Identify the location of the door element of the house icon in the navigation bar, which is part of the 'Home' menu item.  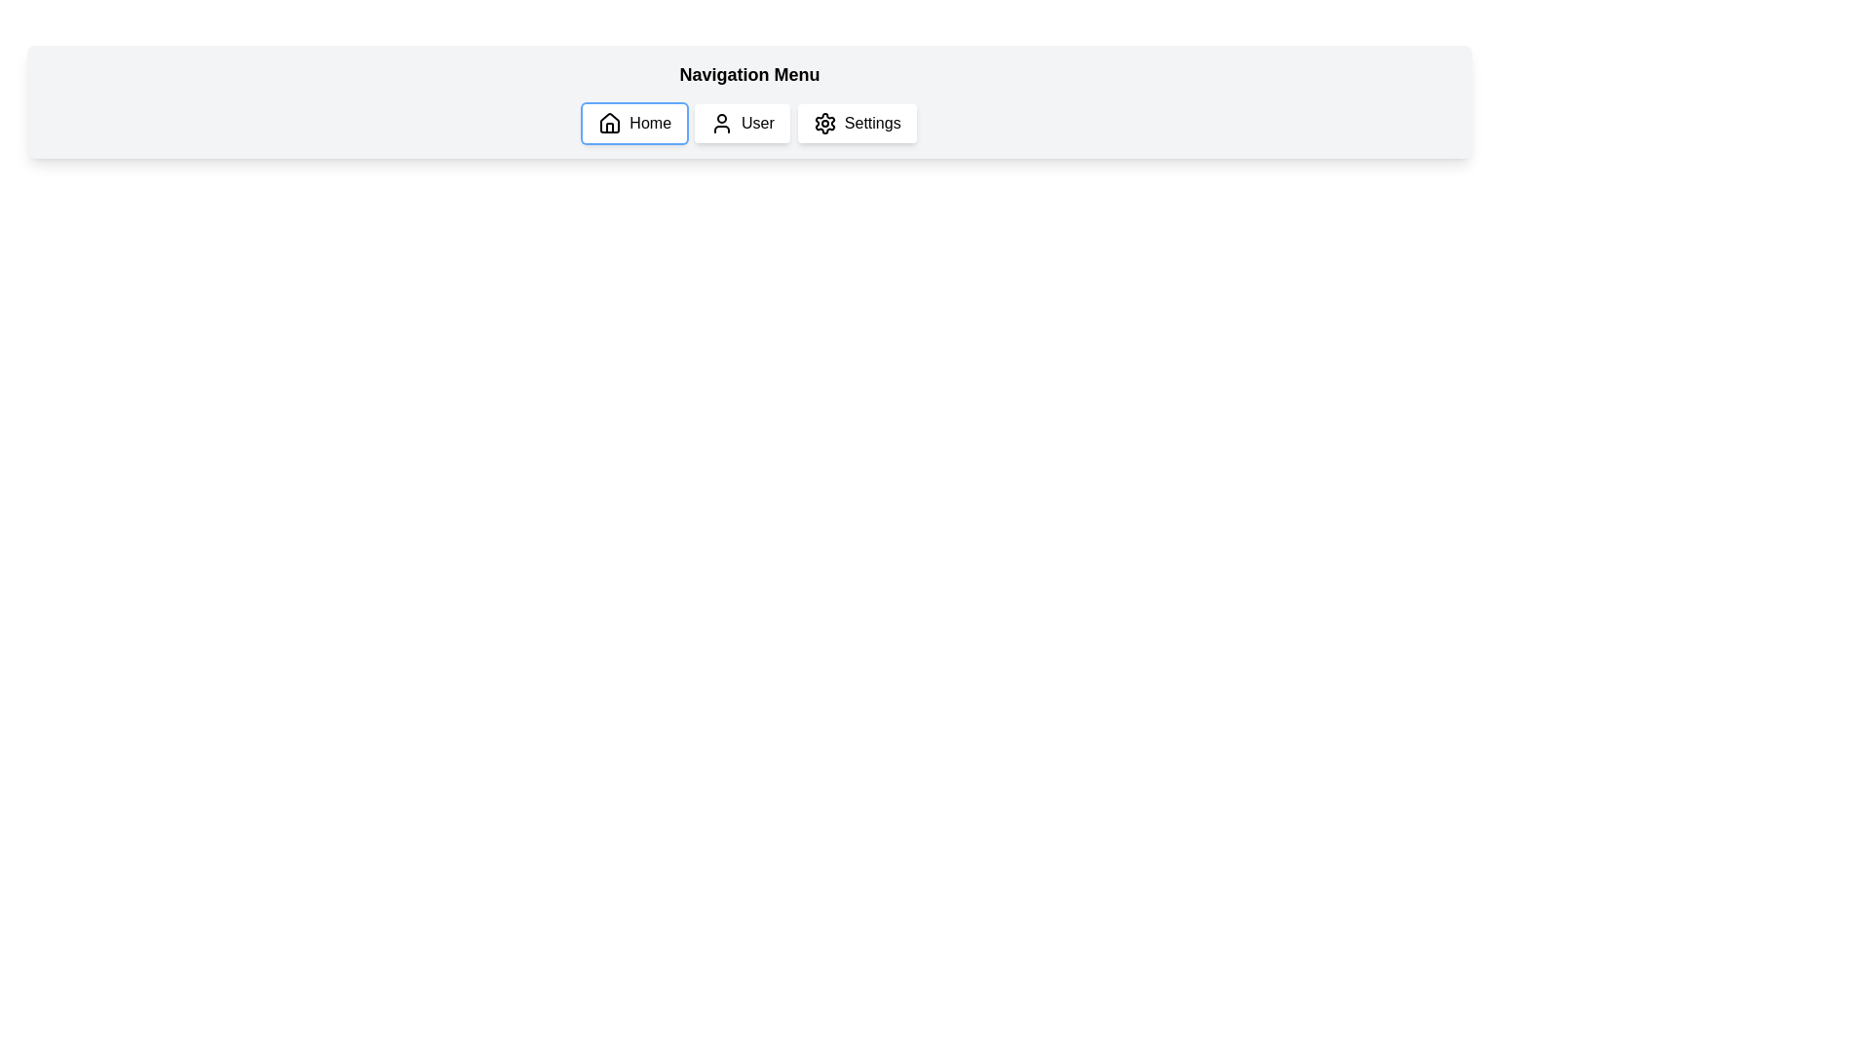
(609, 128).